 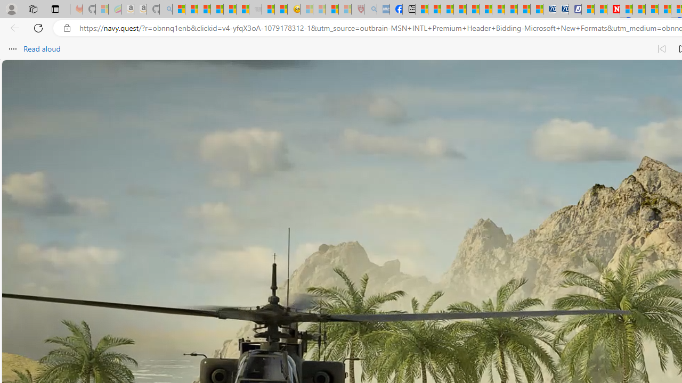 What do you see at coordinates (205, 9) in the screenshot?
I see `'The Weather Channel - MSN'` at bounding box center [205, 9].